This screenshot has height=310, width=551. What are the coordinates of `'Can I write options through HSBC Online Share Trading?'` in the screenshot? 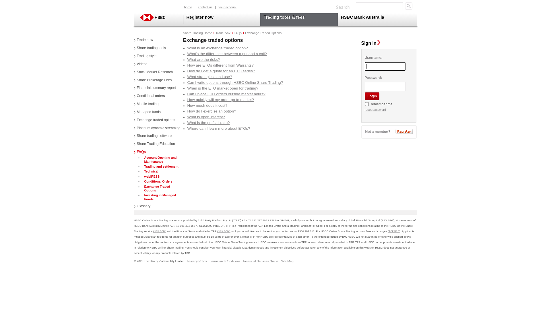 It's located at (235, 82).